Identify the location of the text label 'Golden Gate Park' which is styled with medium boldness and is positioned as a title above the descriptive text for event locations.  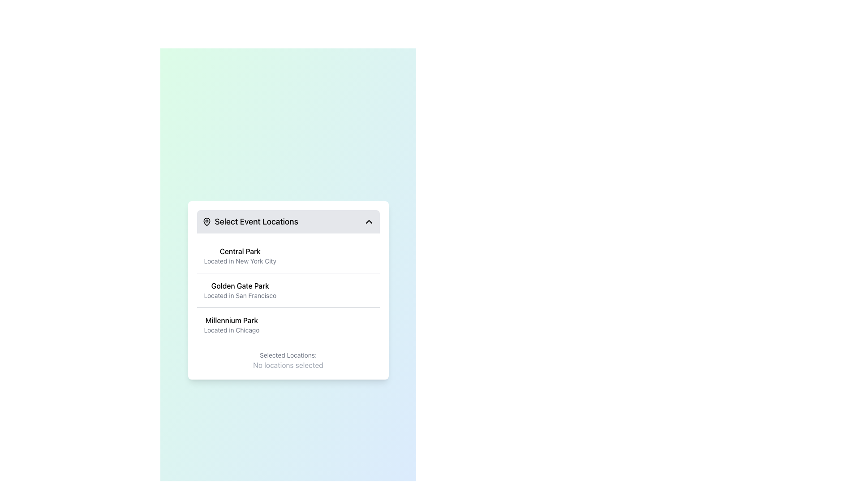
(240, 285).